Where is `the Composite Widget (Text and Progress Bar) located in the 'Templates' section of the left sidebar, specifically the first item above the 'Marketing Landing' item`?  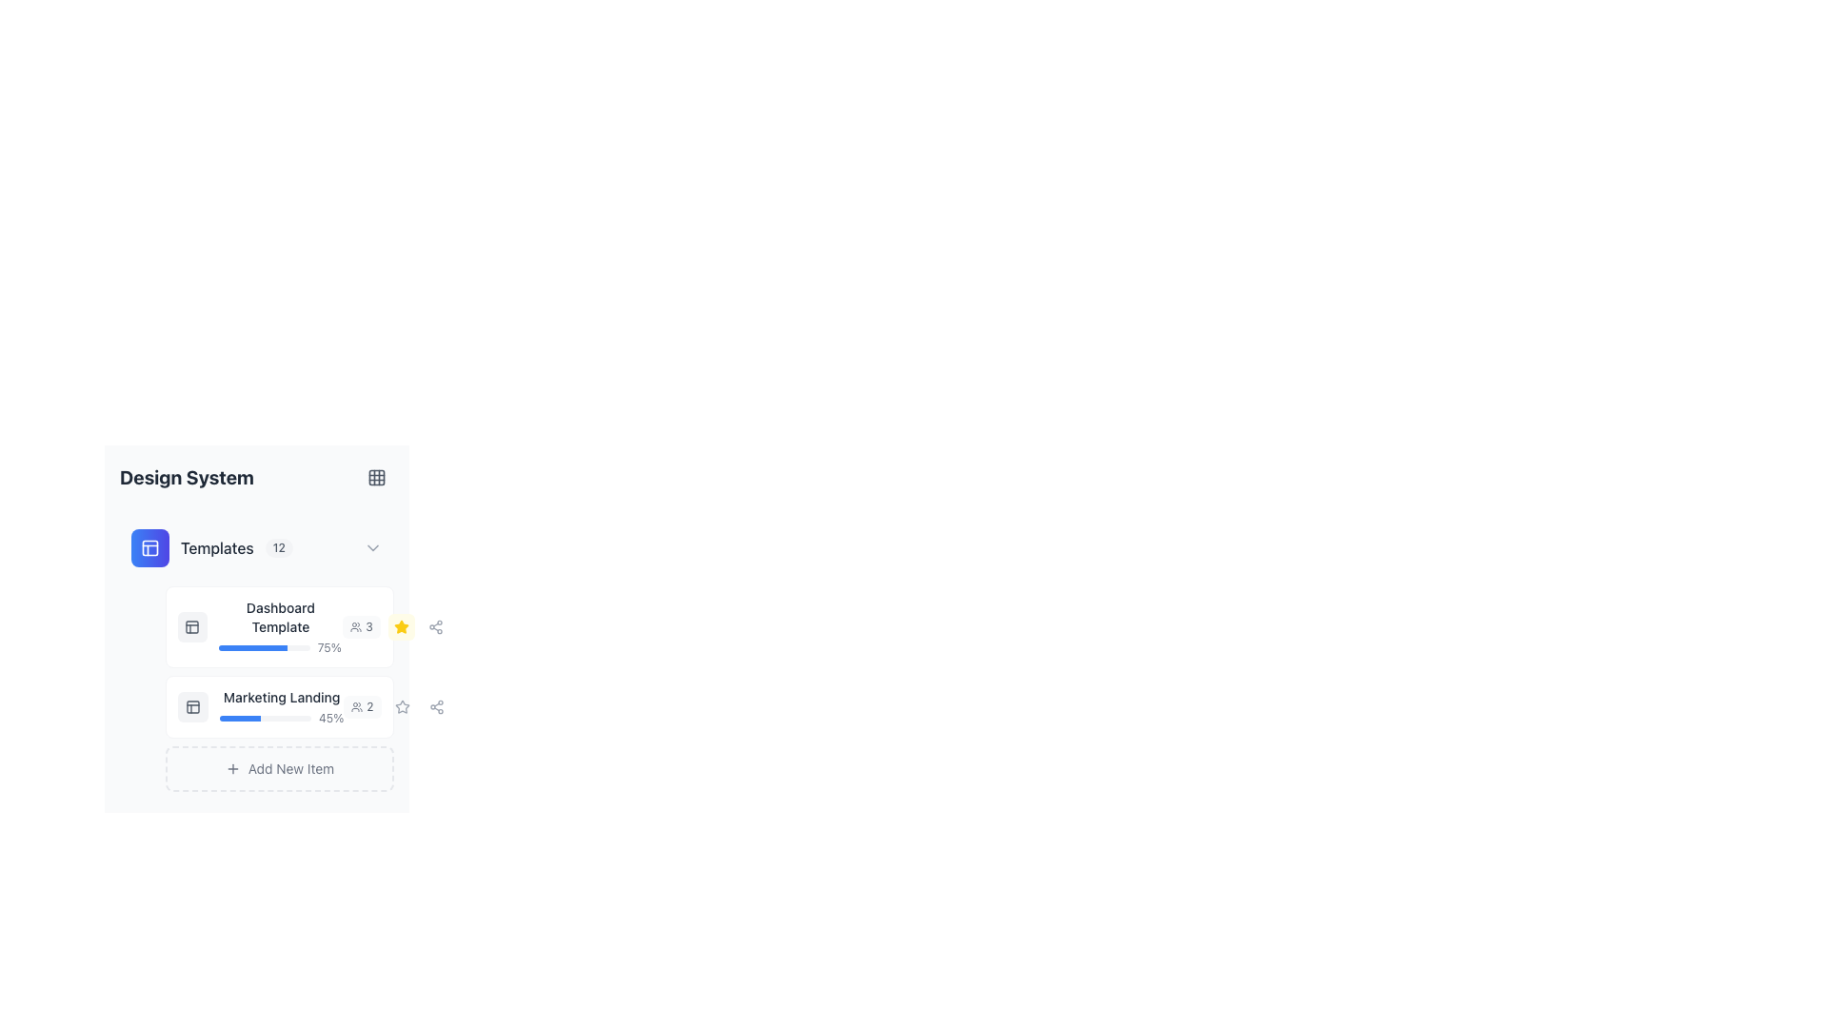 the Composite Widget (Text and Progress Bar) located in the 'Templates' section of the left sidebar, specifically the first item above the 'Marketing Landing' item is located at coordinates (279, 627).